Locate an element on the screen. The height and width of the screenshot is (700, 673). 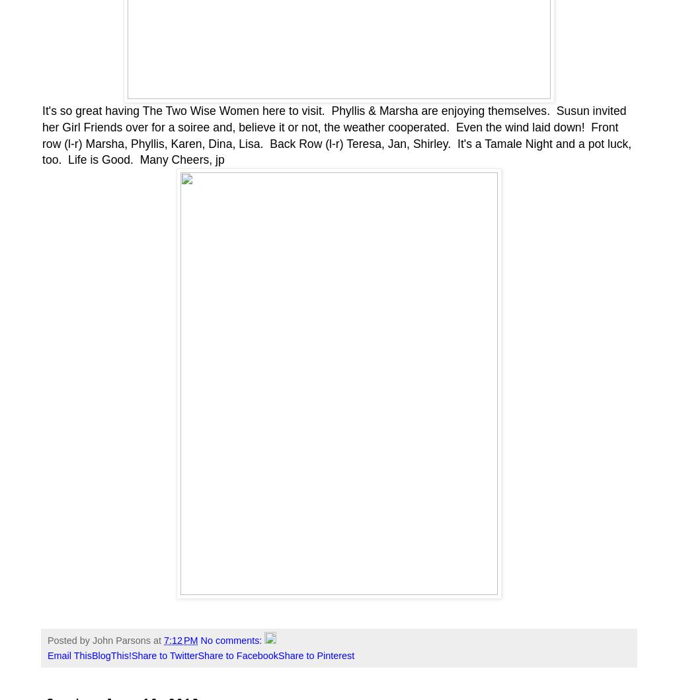
'Posted by' is located at coordinates (47, 640).